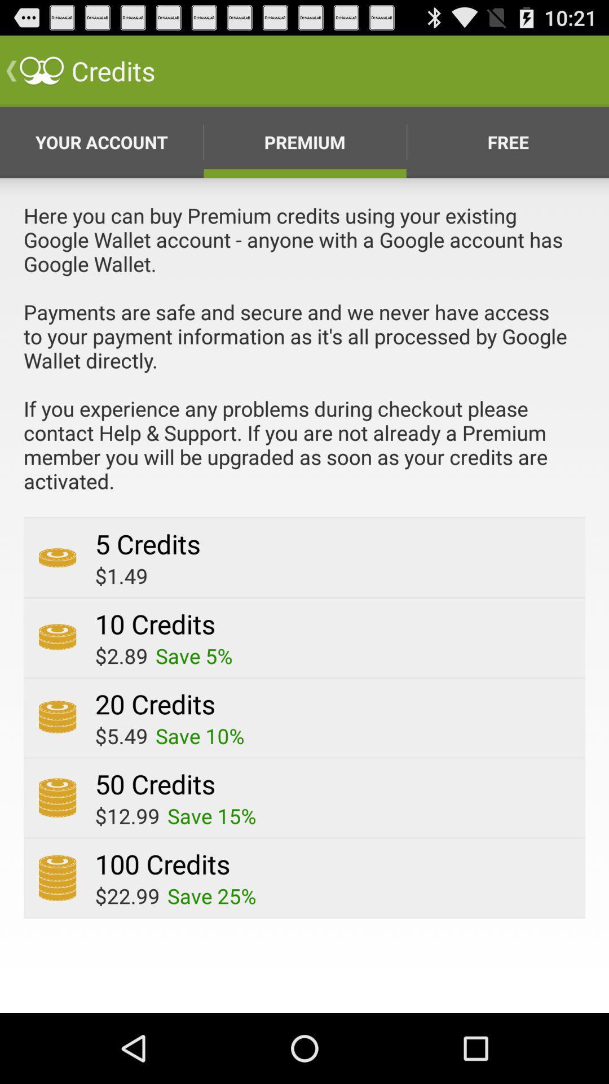 This screenshot has height=1084, width=609. What do you see at coordinates (147, 544) in the screenshot?
I see `the app below the here you can` at bounding box center [147, 544].